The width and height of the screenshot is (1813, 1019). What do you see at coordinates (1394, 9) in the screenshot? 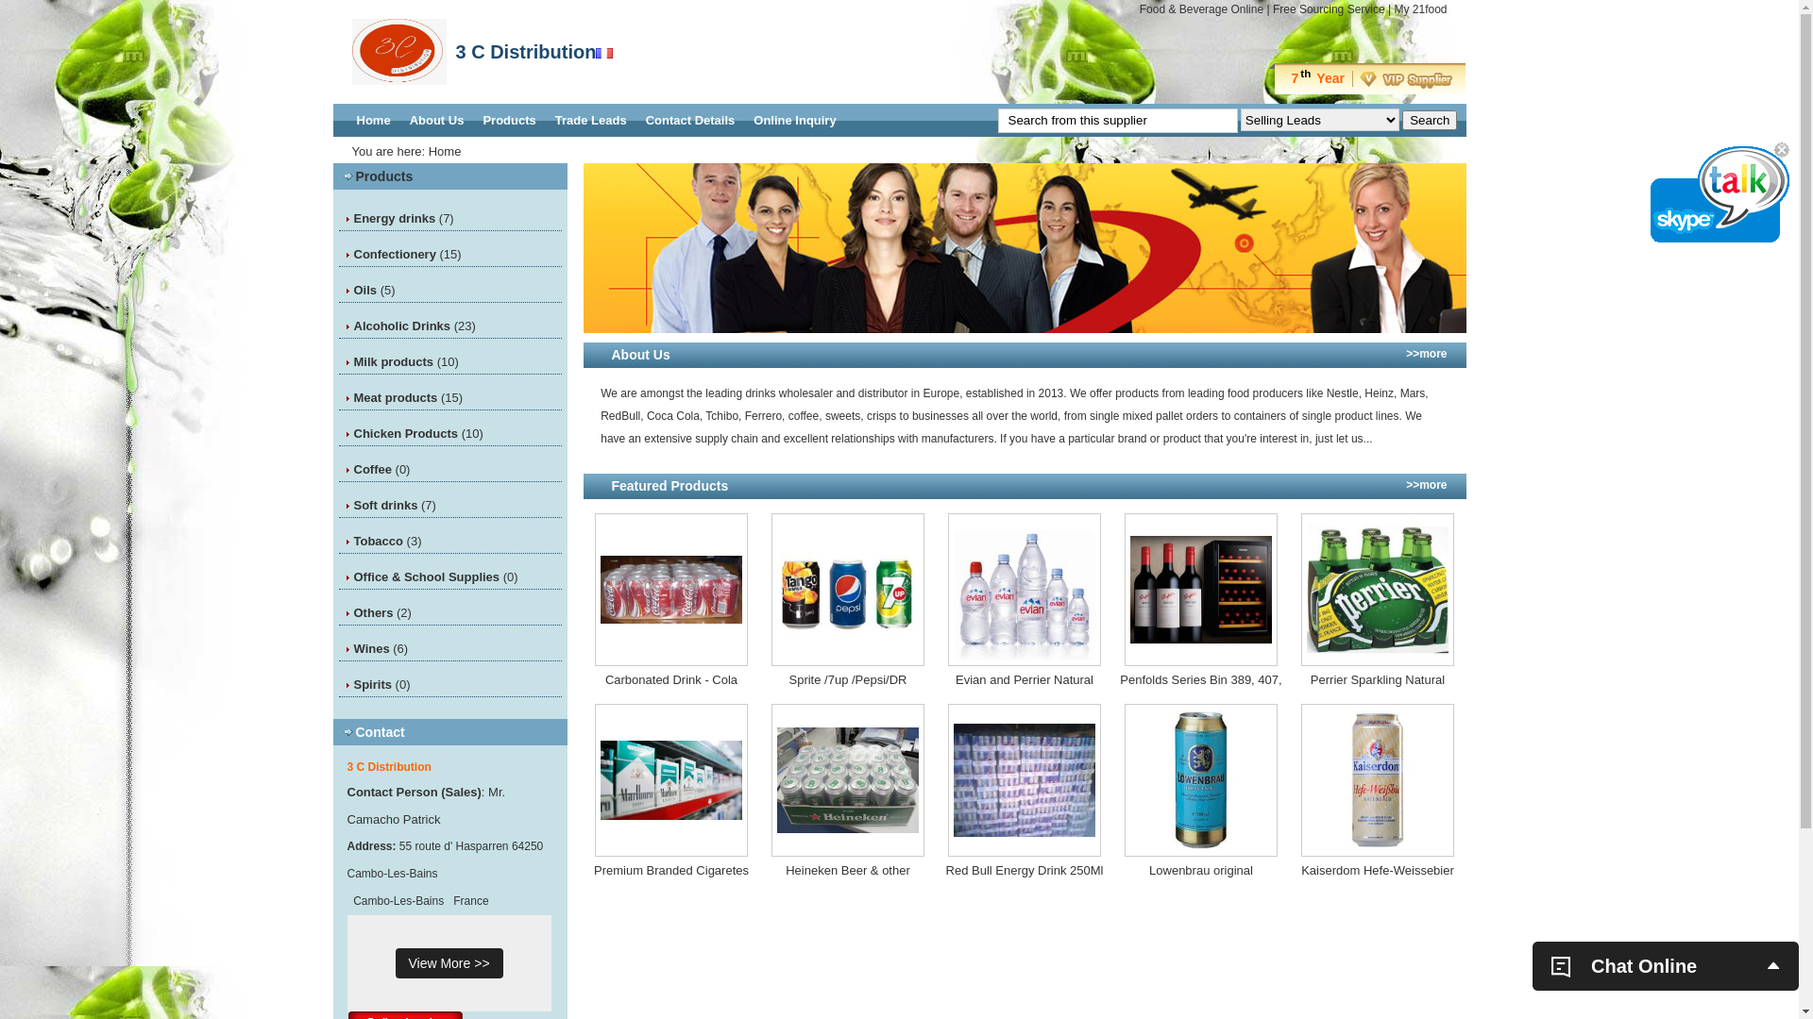
I see `'My 21food'` at bounding box center [1394, 9].